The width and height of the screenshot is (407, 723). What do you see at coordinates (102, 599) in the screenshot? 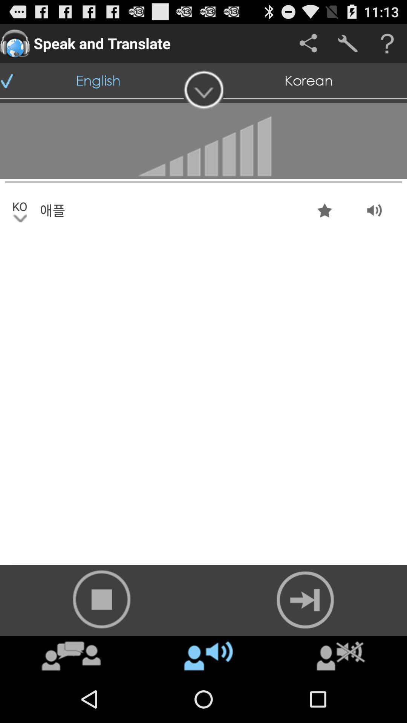
I see `stop audio` at bounding box center [102, 599].